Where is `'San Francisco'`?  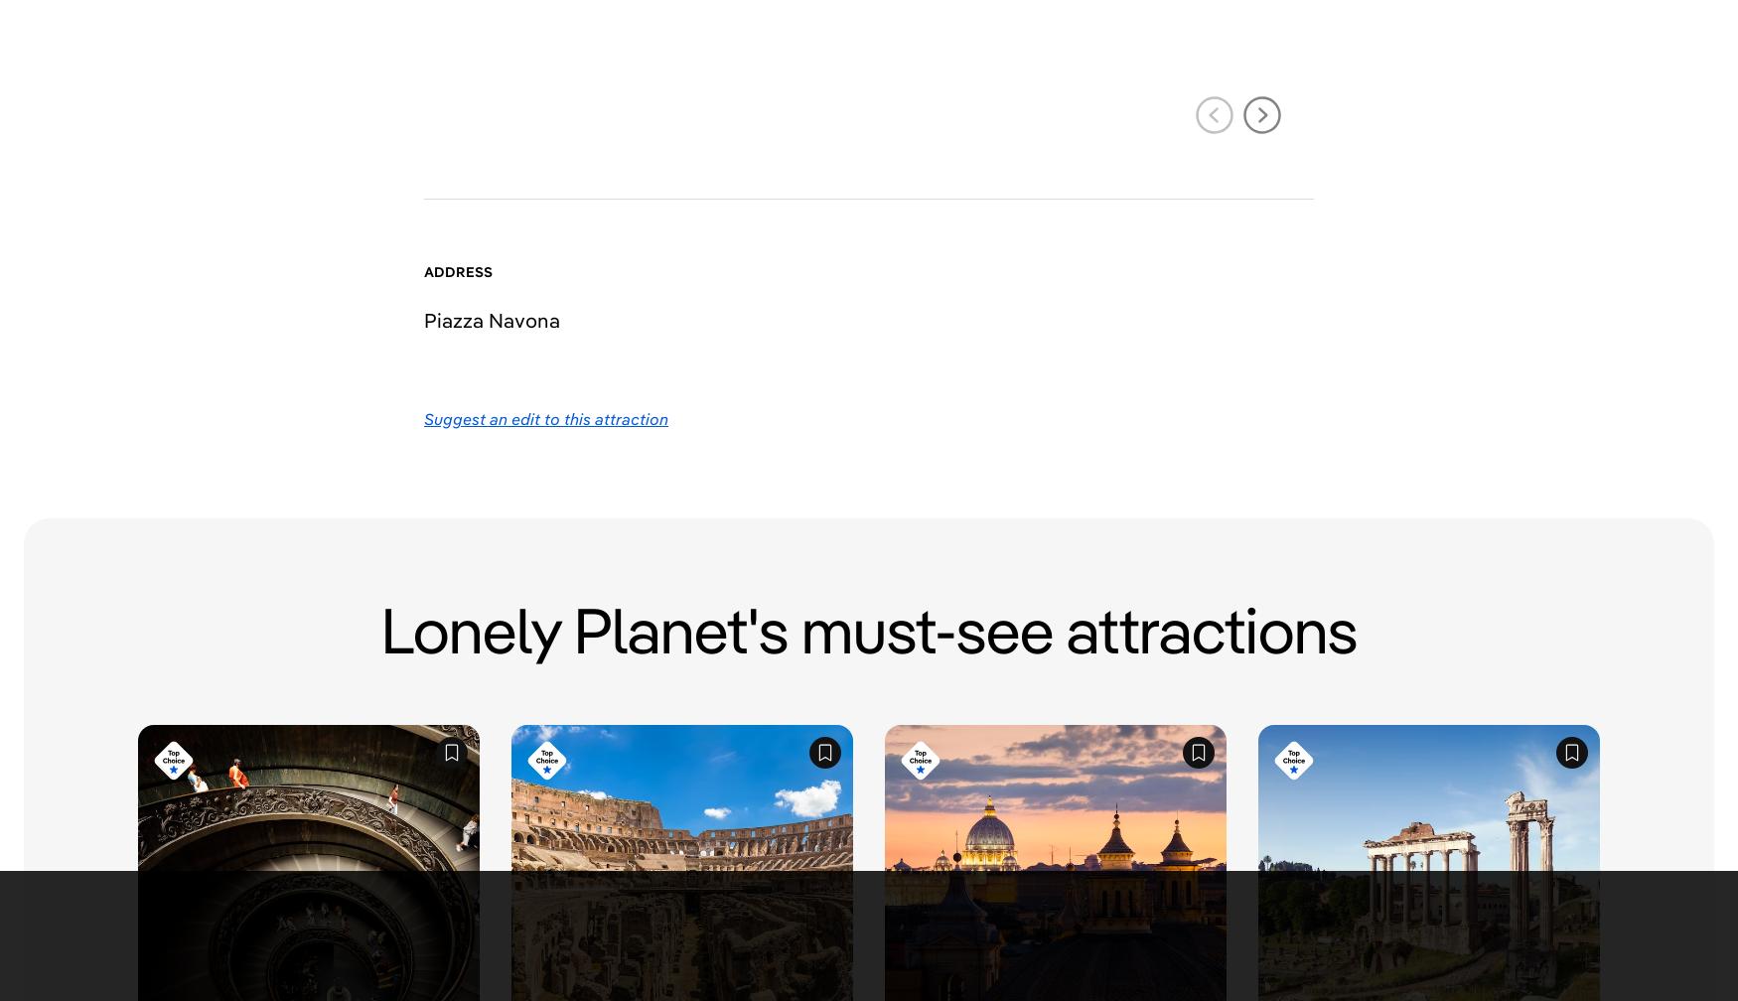 'San Francisco' is located at coordinates (766, 933).